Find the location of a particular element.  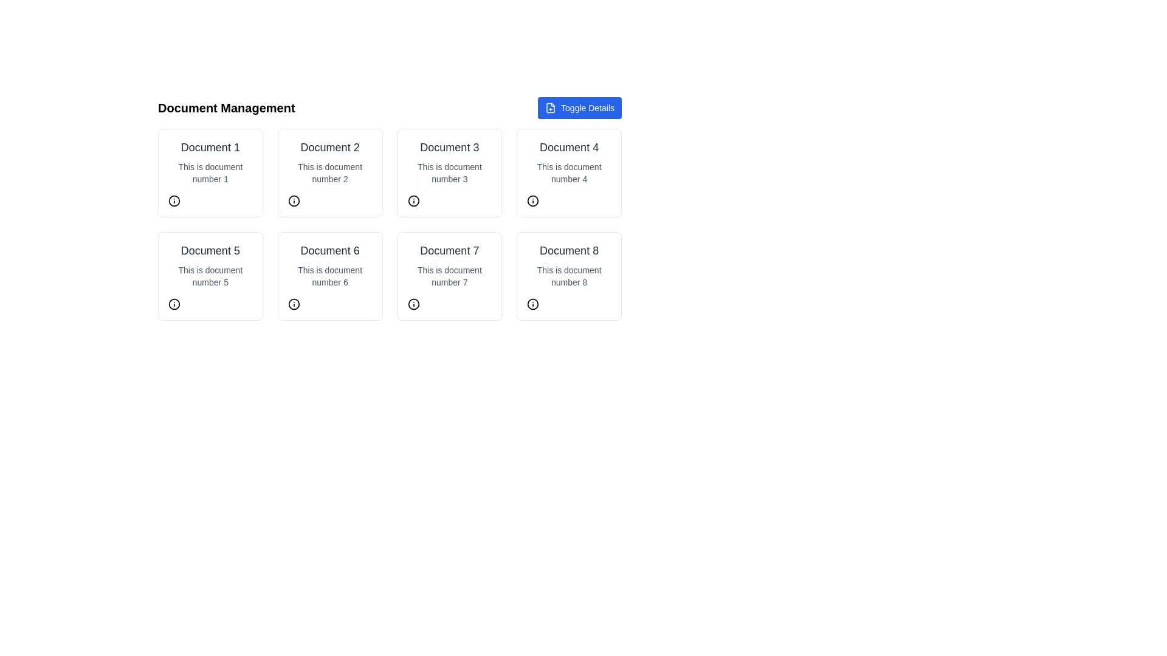

the circular shape within the SVG icon located under the fourth document card labeled 'Document 4', which provides quick information is located at coordinates (533, 200).